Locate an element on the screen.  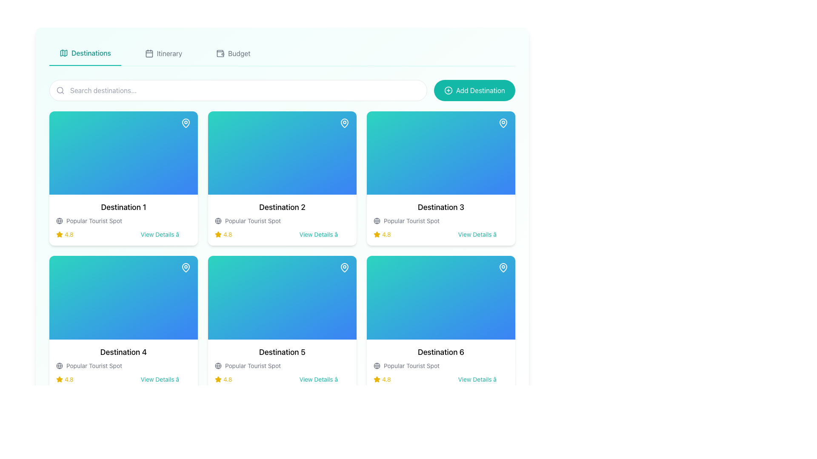
the globe icon located at the top-left of the text 'Popular Tourist Spot' within the card 'Destination 2' is located at coordinates (218, 221).